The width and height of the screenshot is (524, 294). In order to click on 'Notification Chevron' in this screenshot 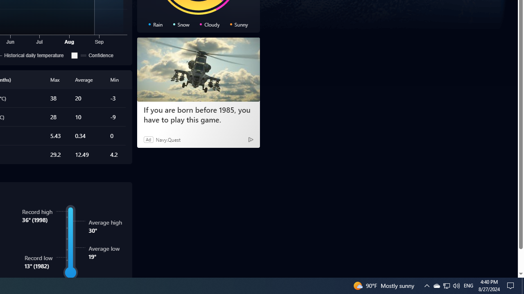, I will do `click(446, 285)`.